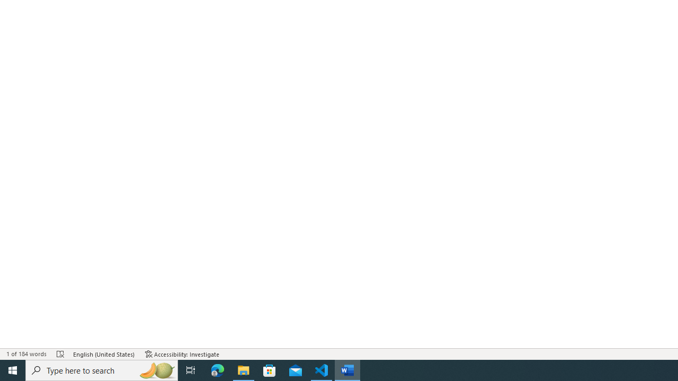  What do you see at coordinates (104, 354) in the screenshot?
I see `'Language English (United States)'` at bounding box center [104, 354].